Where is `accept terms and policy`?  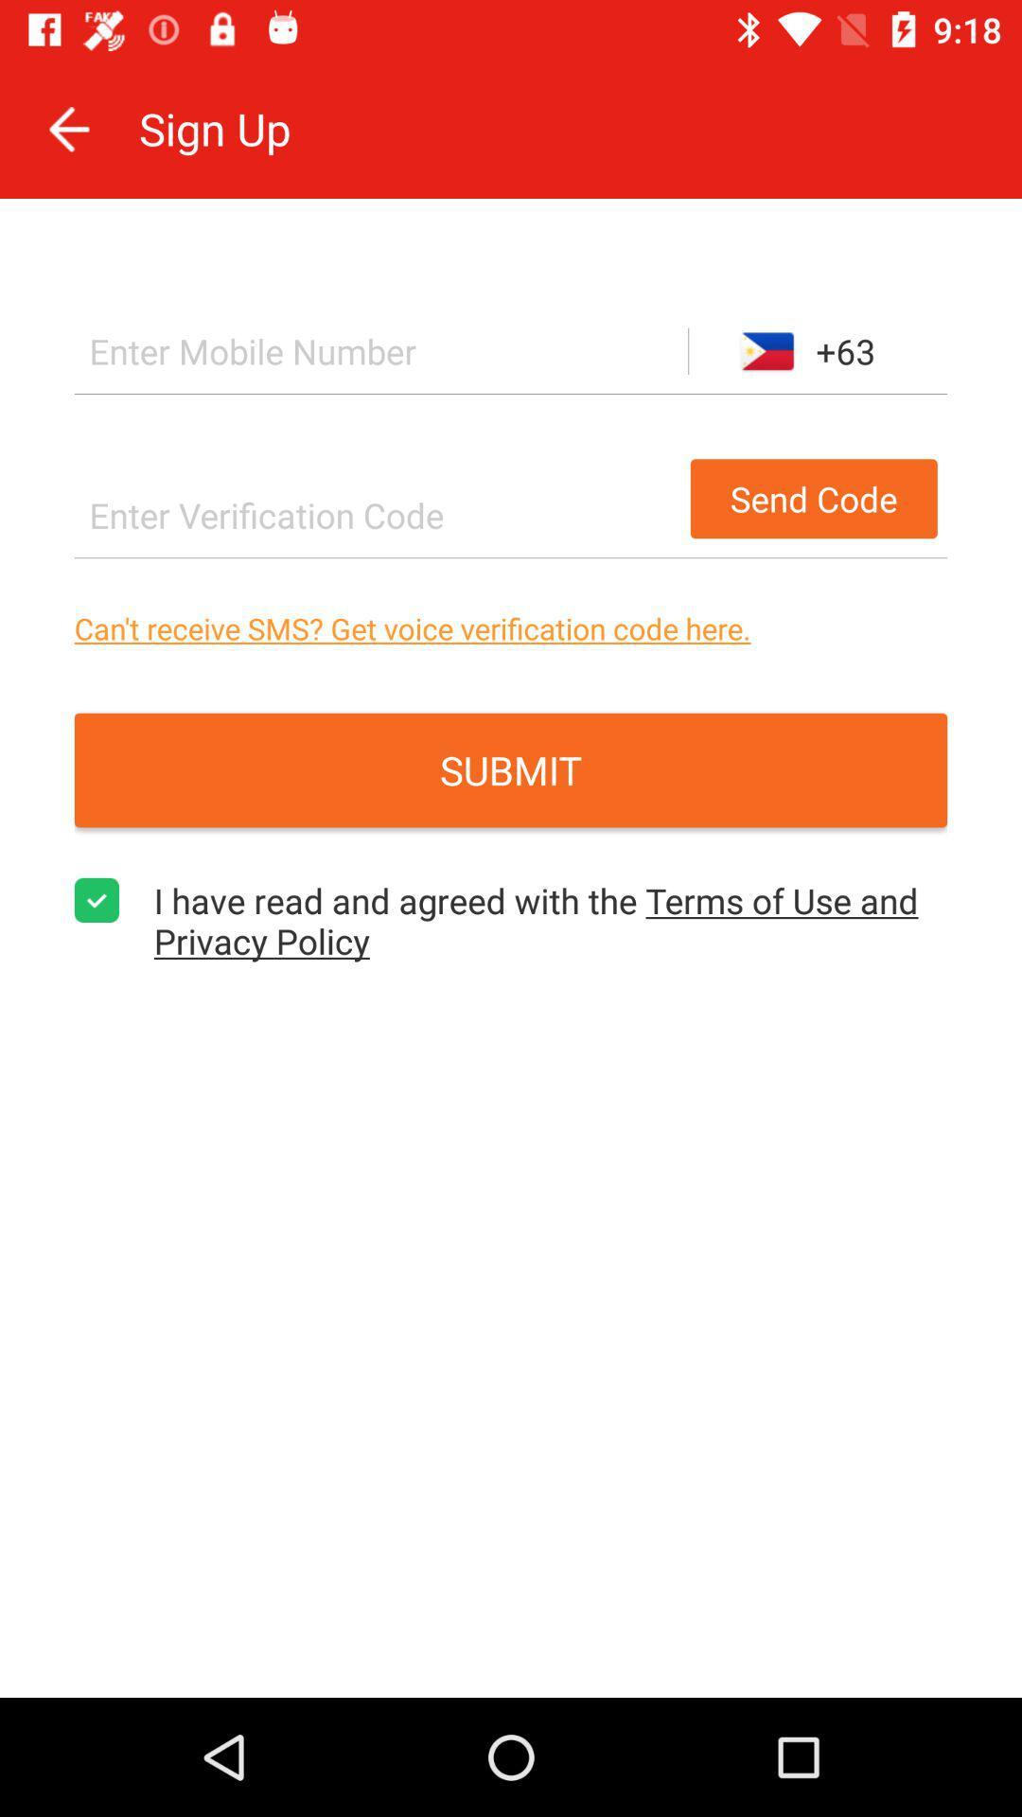
accept terms and policy is located at coordinates (97, 899).